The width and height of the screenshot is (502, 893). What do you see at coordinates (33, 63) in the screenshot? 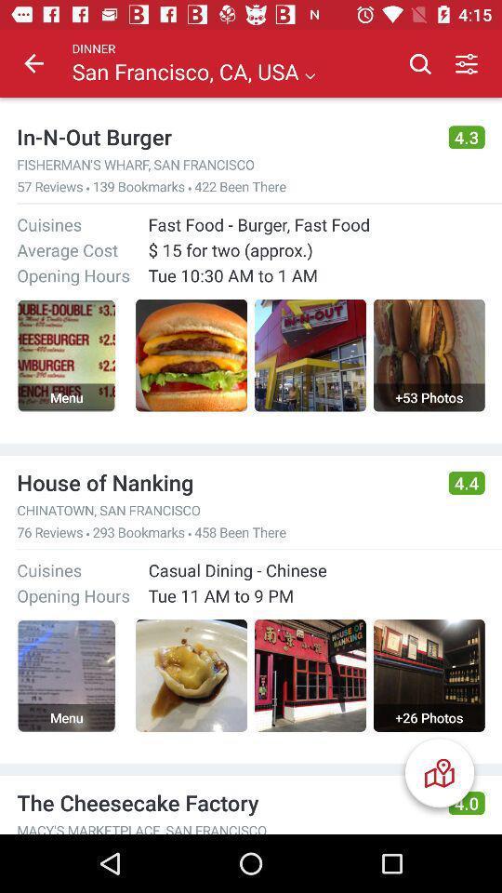
I see `item above in n out icon` at bounding box center [33, 63].